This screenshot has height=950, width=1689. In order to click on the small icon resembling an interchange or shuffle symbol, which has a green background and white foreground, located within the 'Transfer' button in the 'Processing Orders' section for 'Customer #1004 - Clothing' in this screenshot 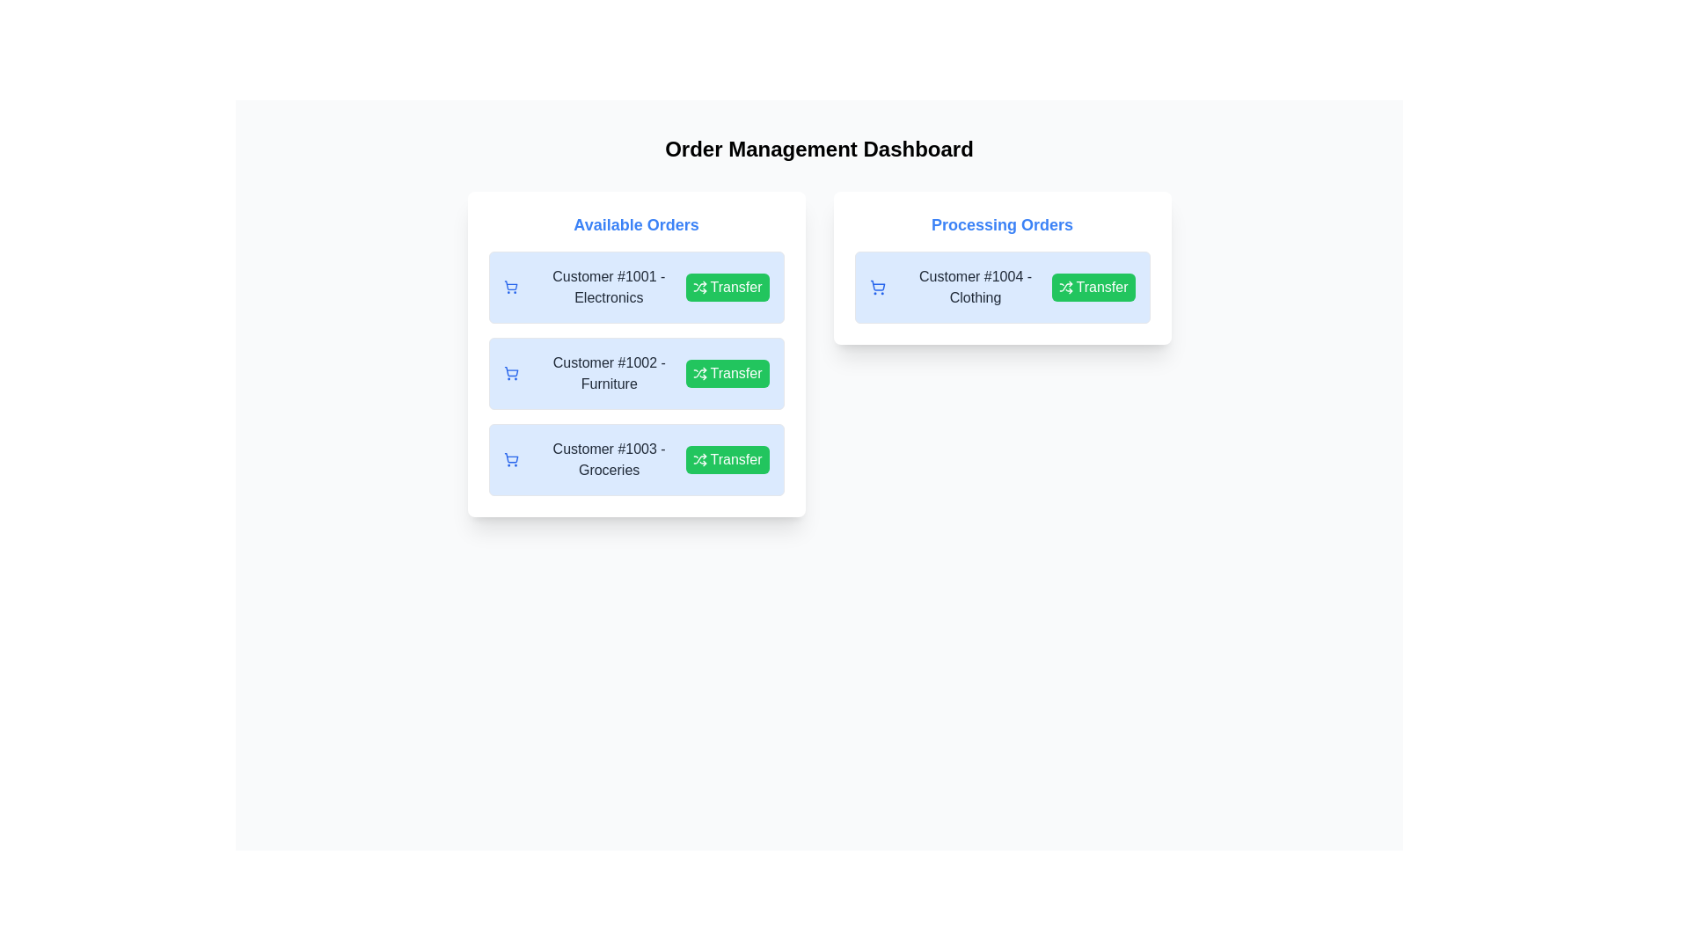, I will do `click(1064, 287)`.